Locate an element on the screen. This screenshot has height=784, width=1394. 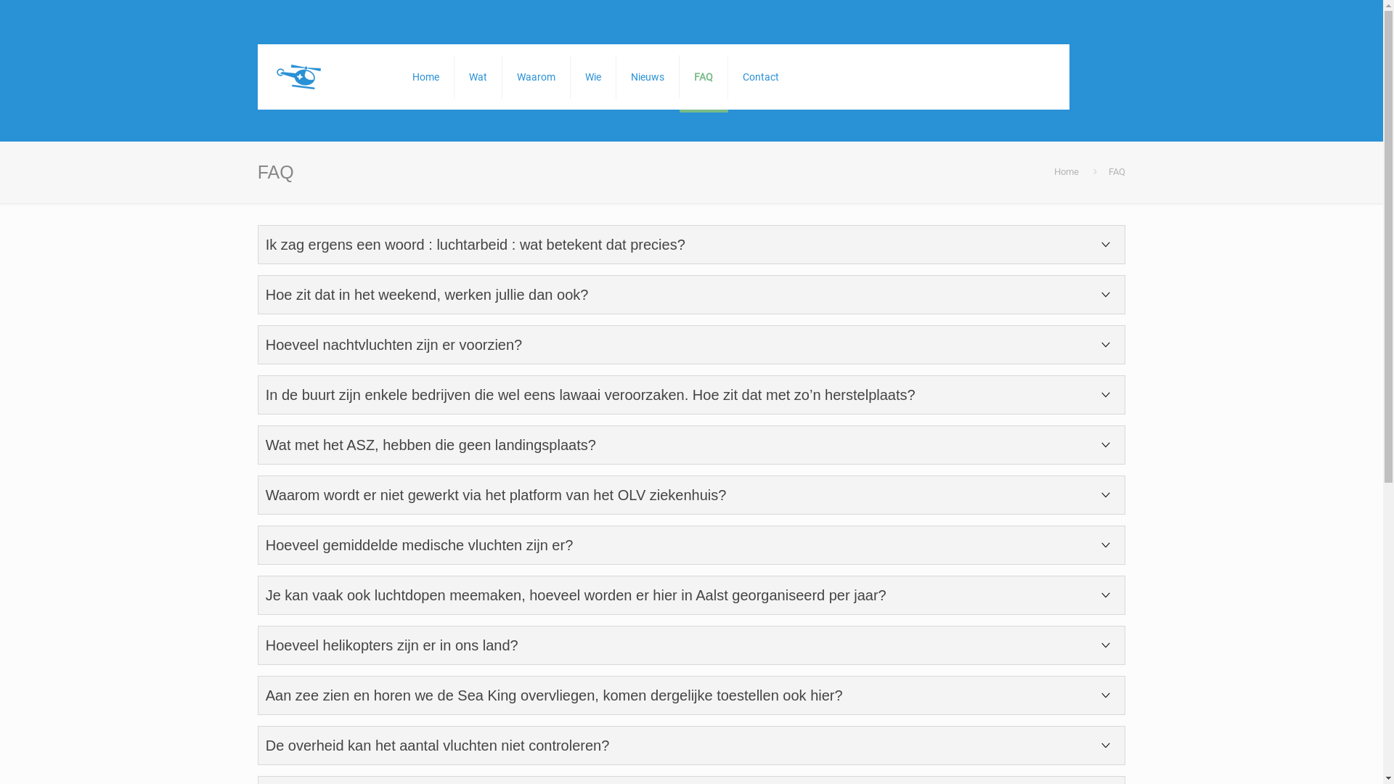
'Nieuws' is located at coordinates (647, 76).